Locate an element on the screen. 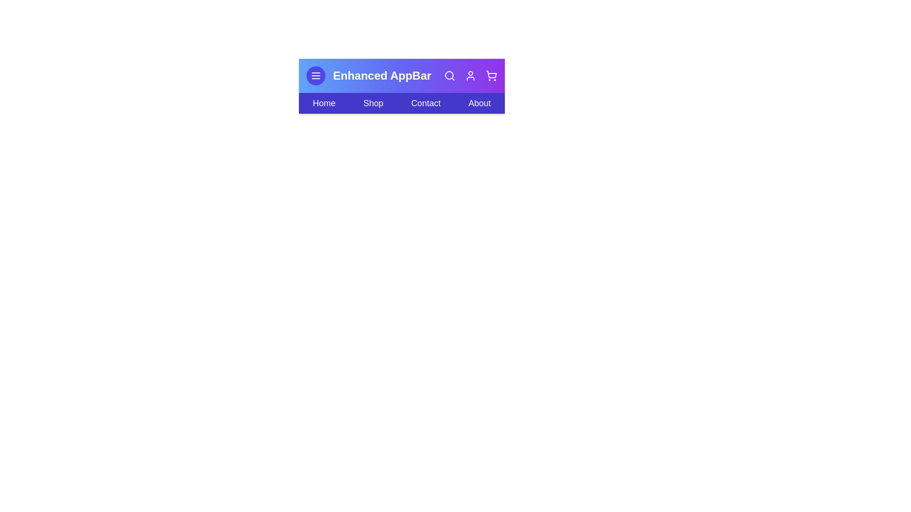  the interactive element Search Icon to observe its hover effect is located at coordinates (449, 75).